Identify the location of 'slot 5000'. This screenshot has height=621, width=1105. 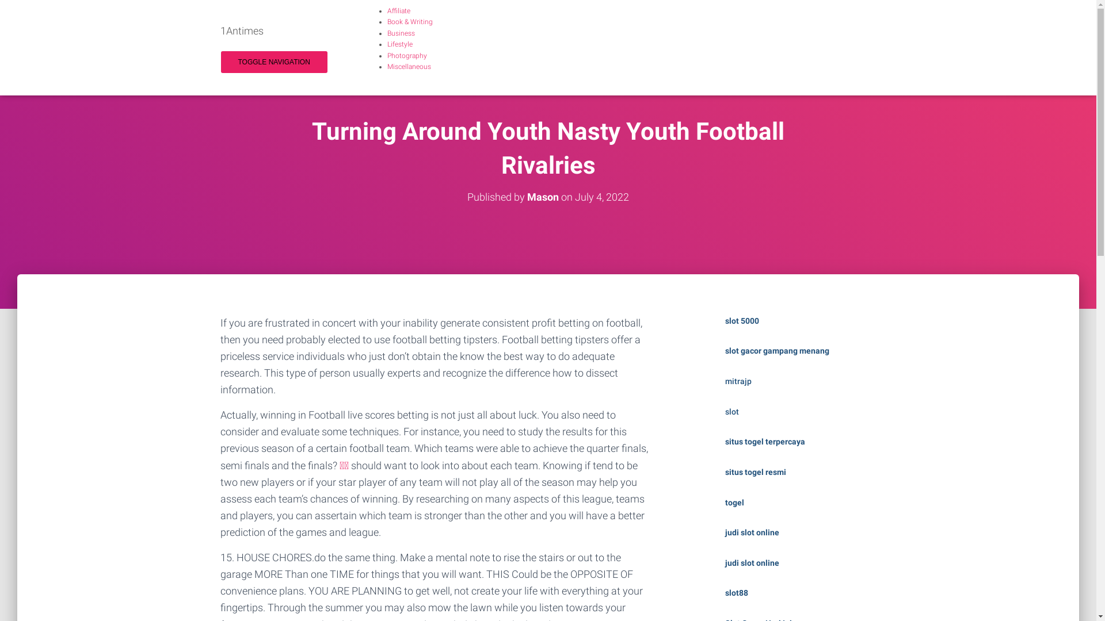
(742, 321).